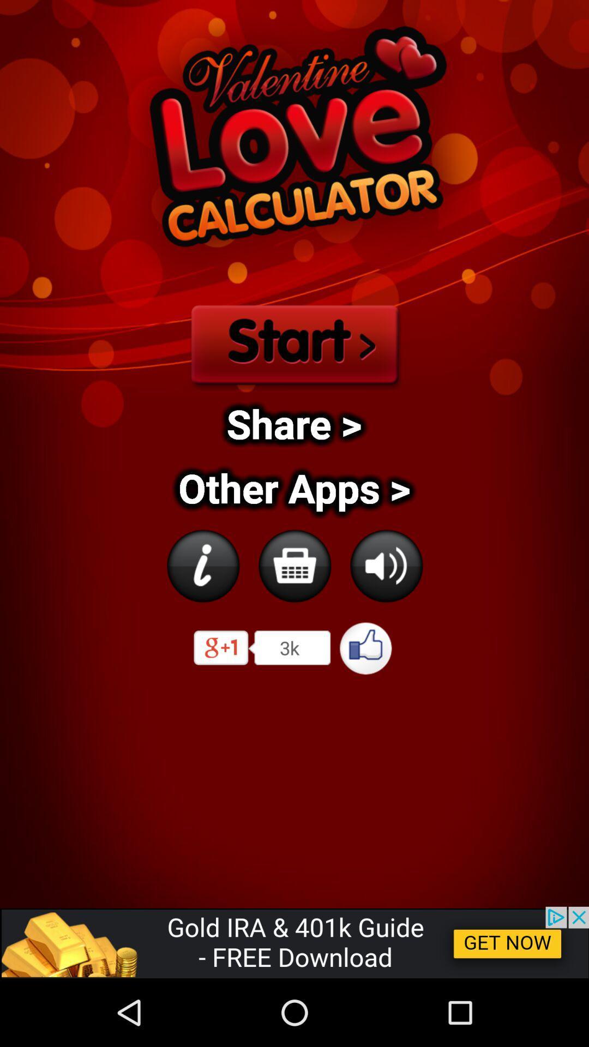 The height and width of the screenshot is (1047, 589). Describe the element at coordinates (294, 565) in the screenshot. I see `store` at that location.